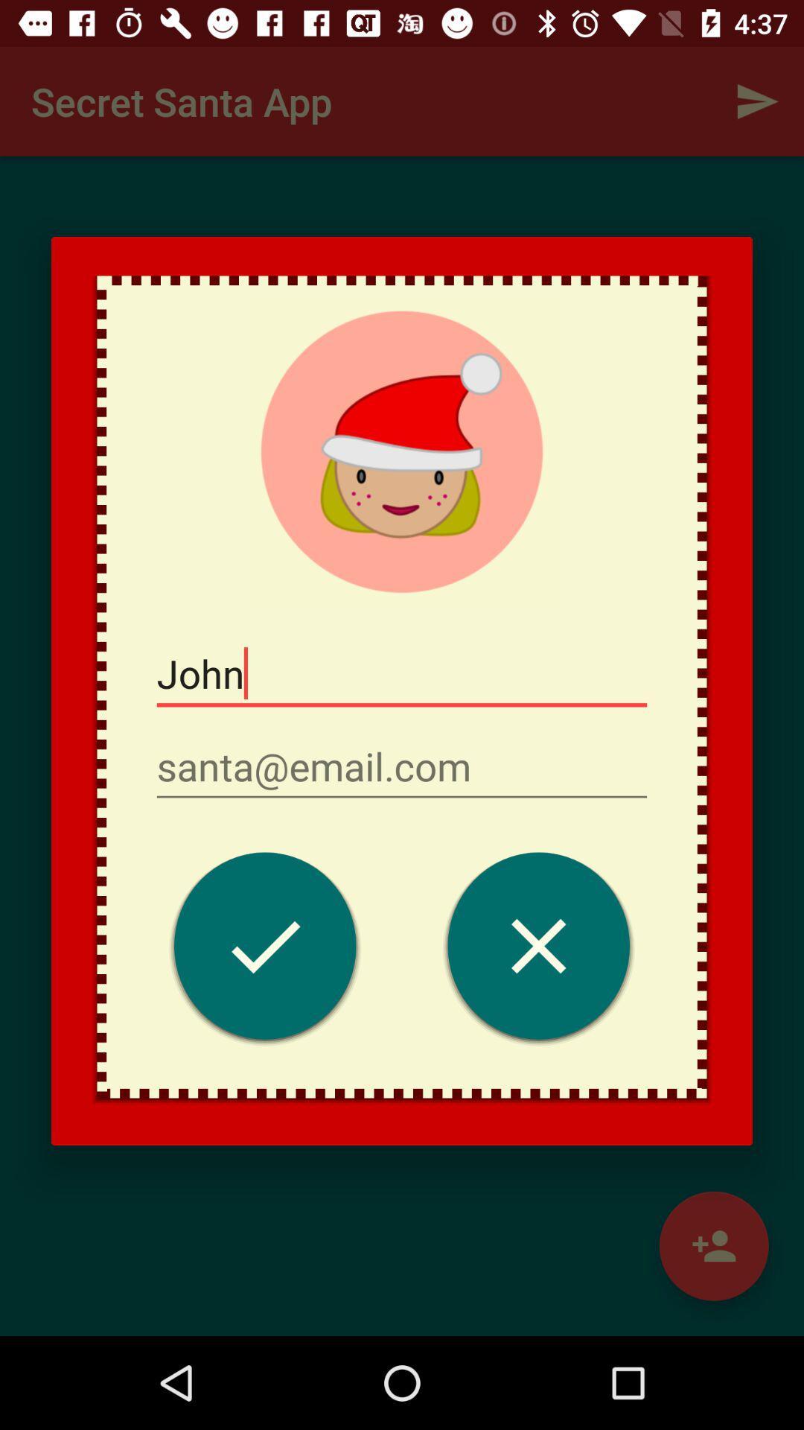 The width and height of the screenshot is (804, 1430). I want to click on item below the john item, so click(402, 766).